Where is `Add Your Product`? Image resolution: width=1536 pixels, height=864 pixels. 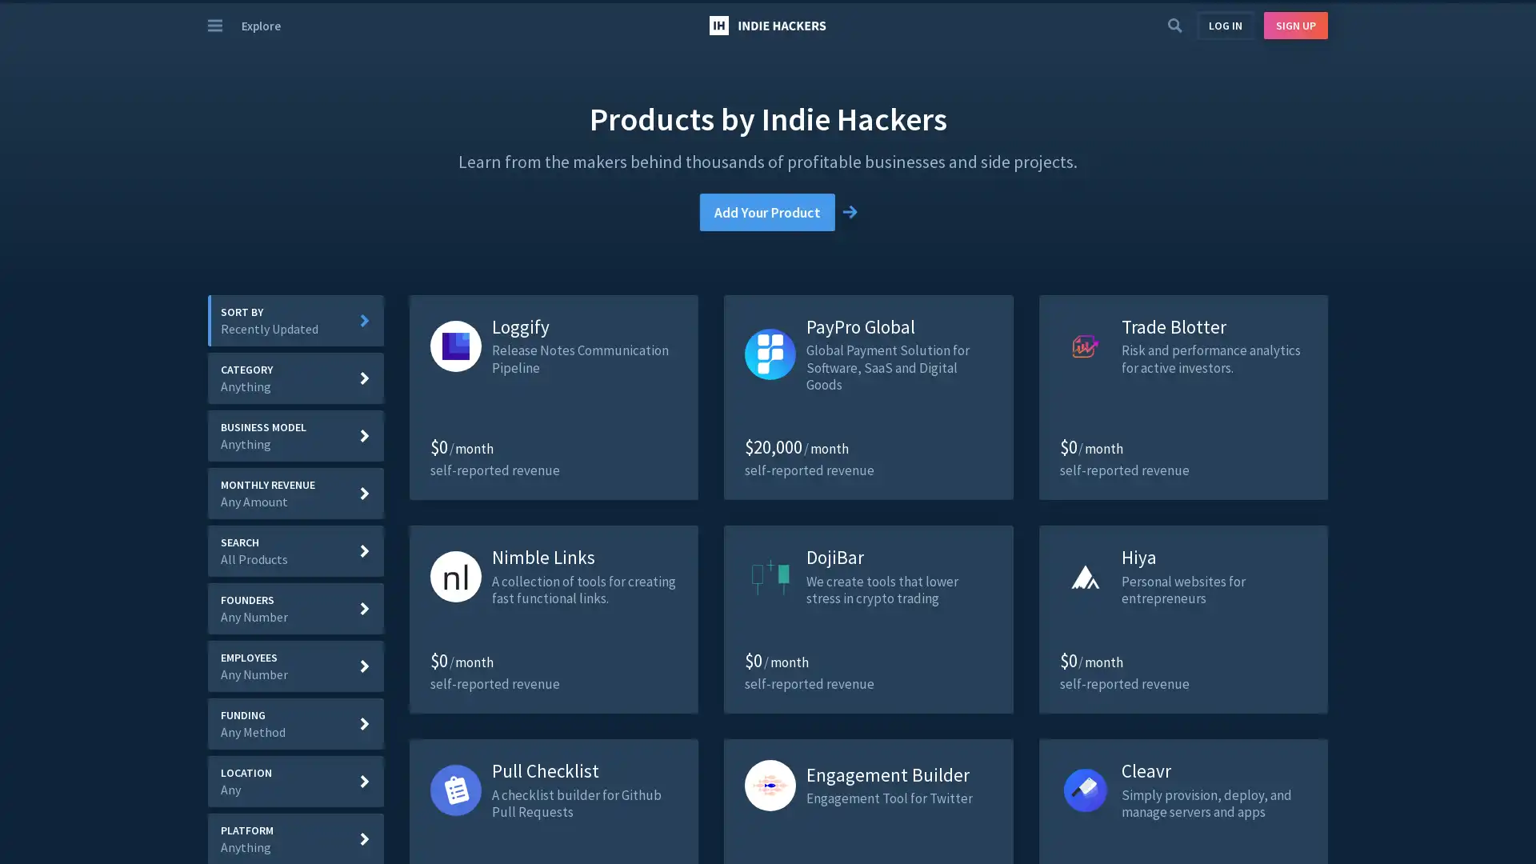 Add Your Product is located at coordinates (755, 221).